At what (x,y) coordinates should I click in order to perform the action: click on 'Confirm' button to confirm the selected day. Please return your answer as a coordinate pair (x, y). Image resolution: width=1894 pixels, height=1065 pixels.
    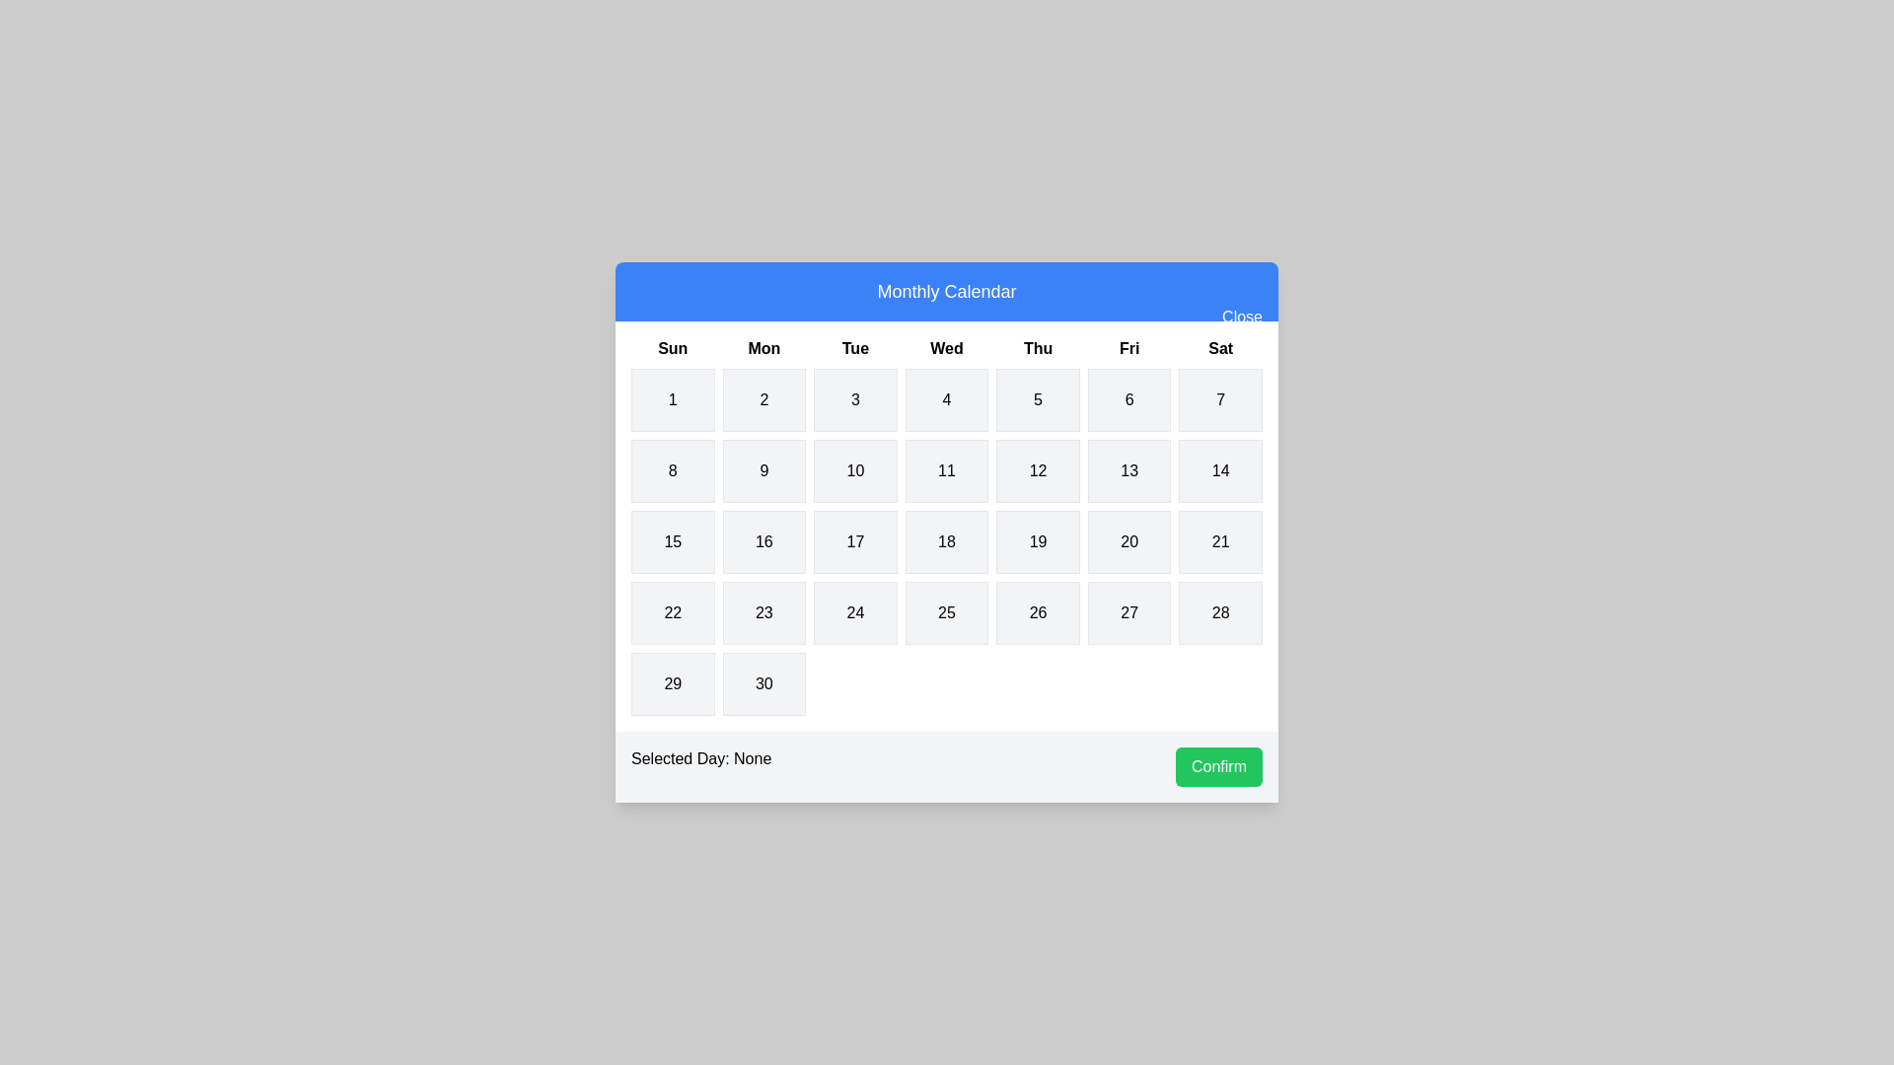
    Looking at the image, I should click on (1217, 766).